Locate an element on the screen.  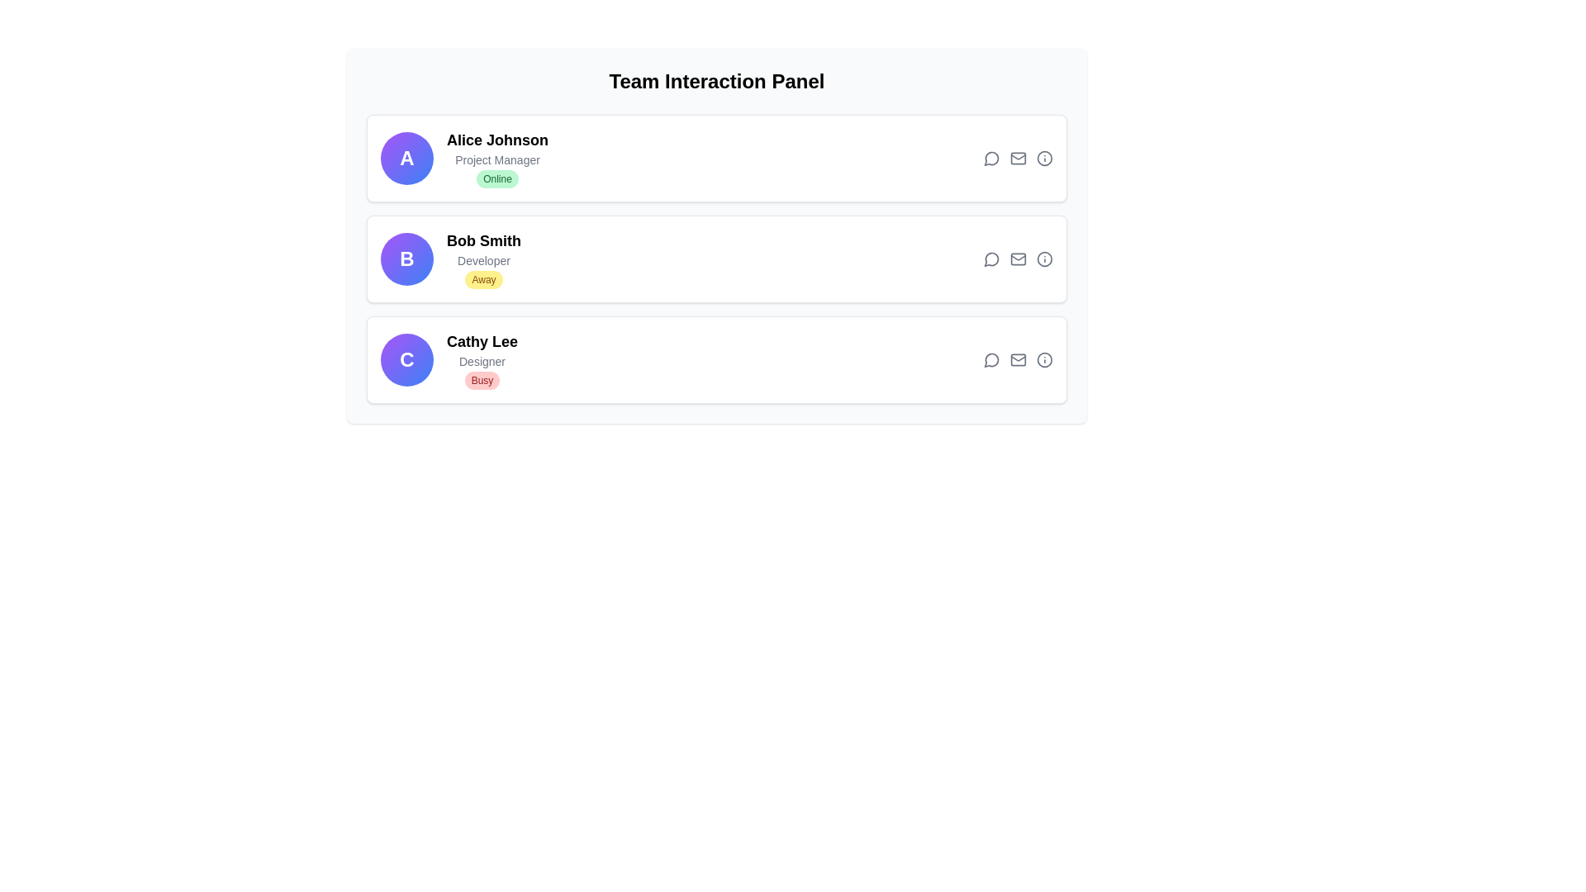
the bold text label displaying 'Bob Smith' in the 'Team Interaction Panel', which is located between 'Alice Johnson' and 'Cathy Lee' is located at coordinates (482, 241).